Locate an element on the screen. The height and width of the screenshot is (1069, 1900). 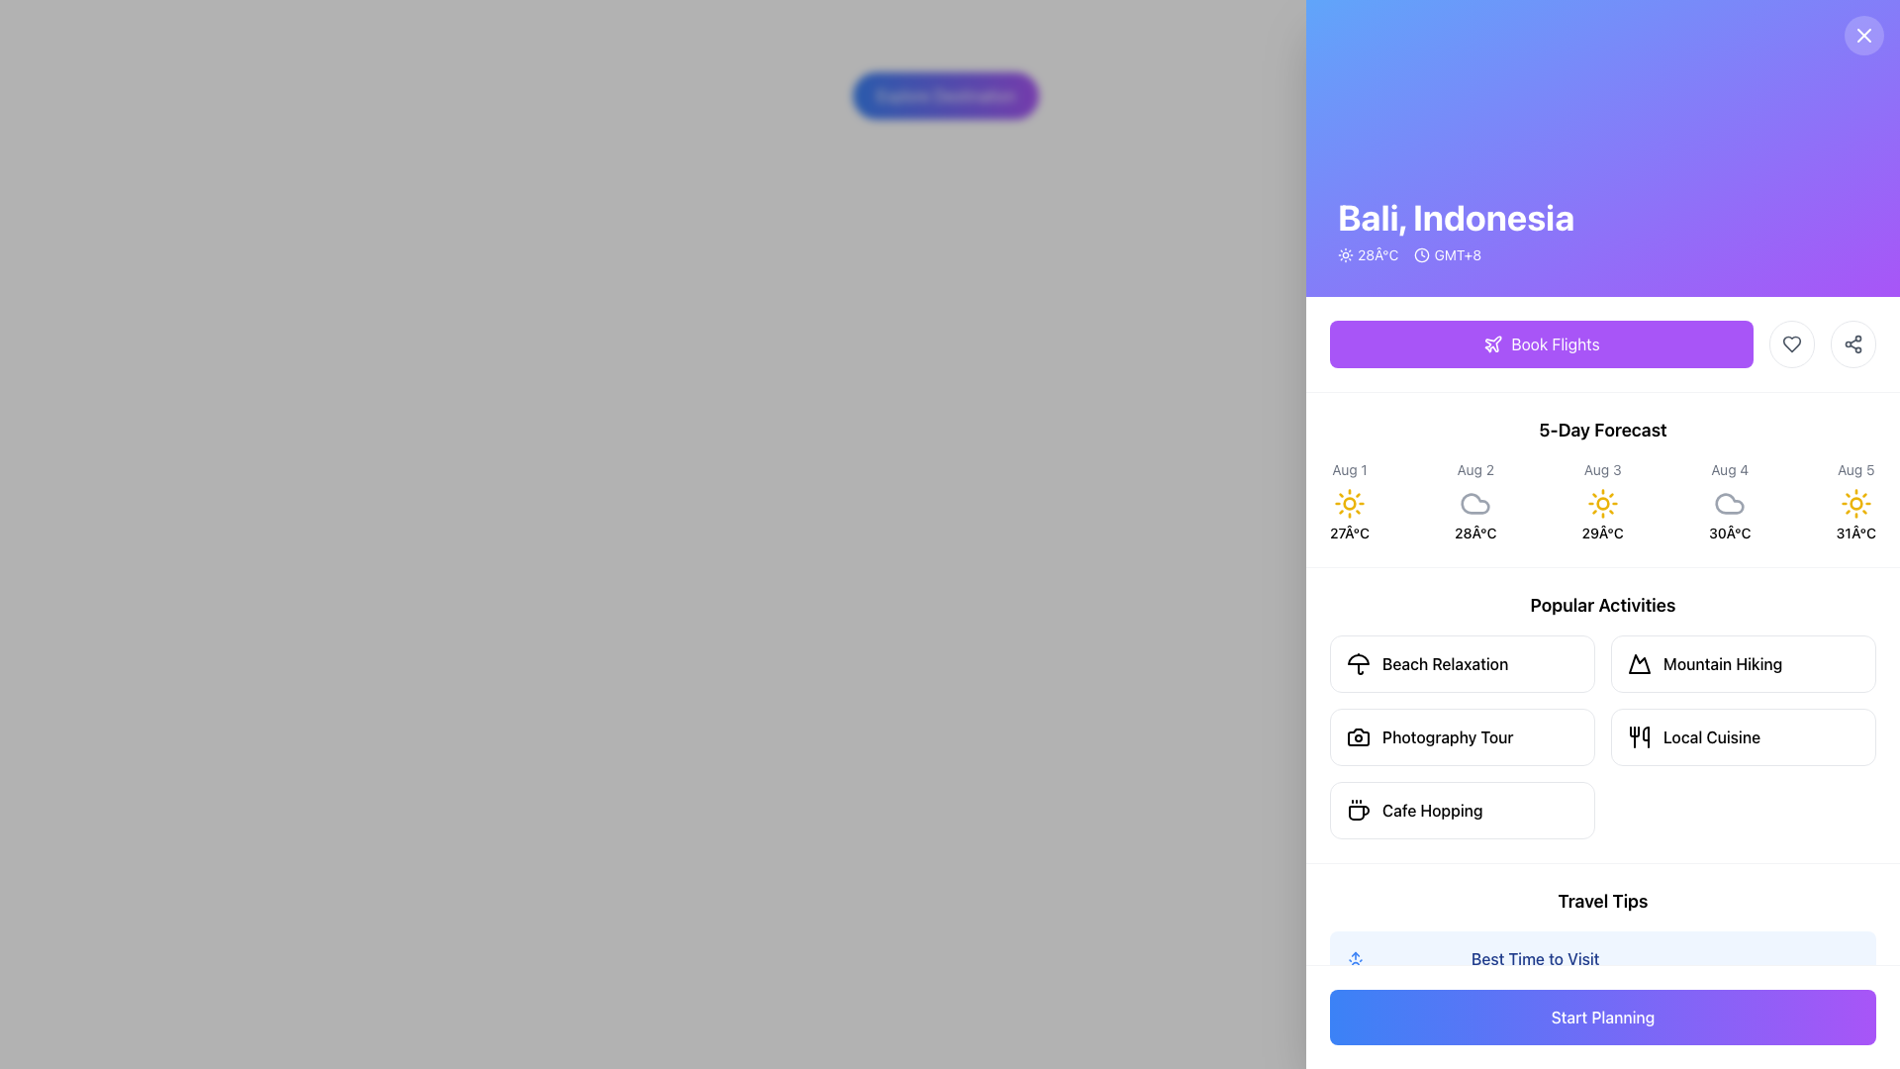
the 'Photography Tour' text label located in the second row, first column of the 'Popular Activities' section to enhance user understanding of the activity card's purpose is located at coordinates (1448, 736).